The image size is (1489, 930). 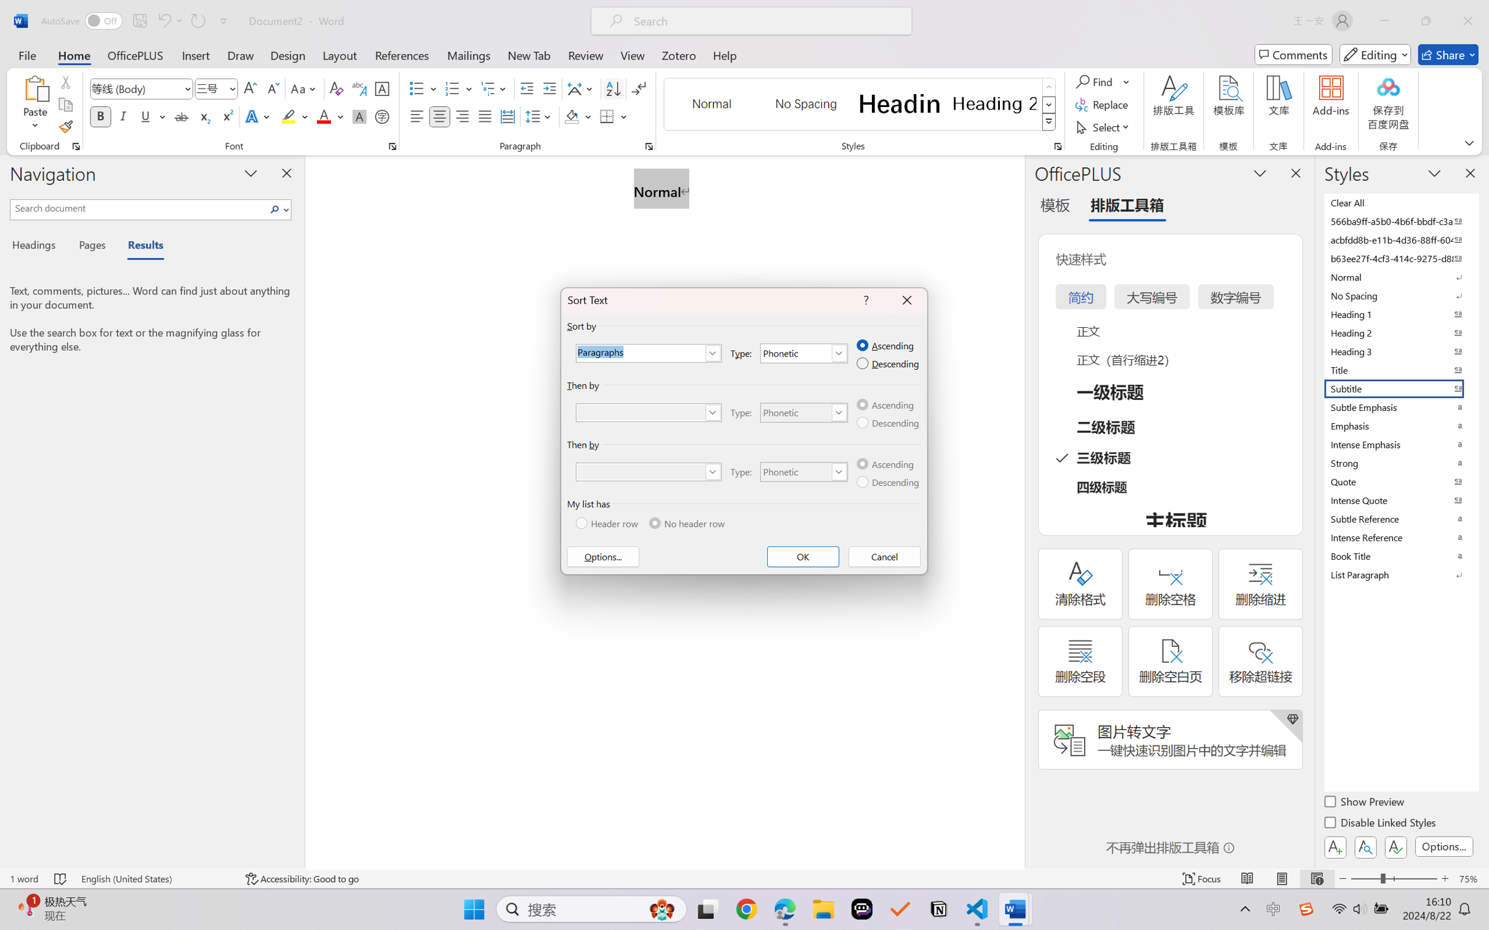 I want to click on 'Class: NetUIButton', so click(x=1396, y=846).